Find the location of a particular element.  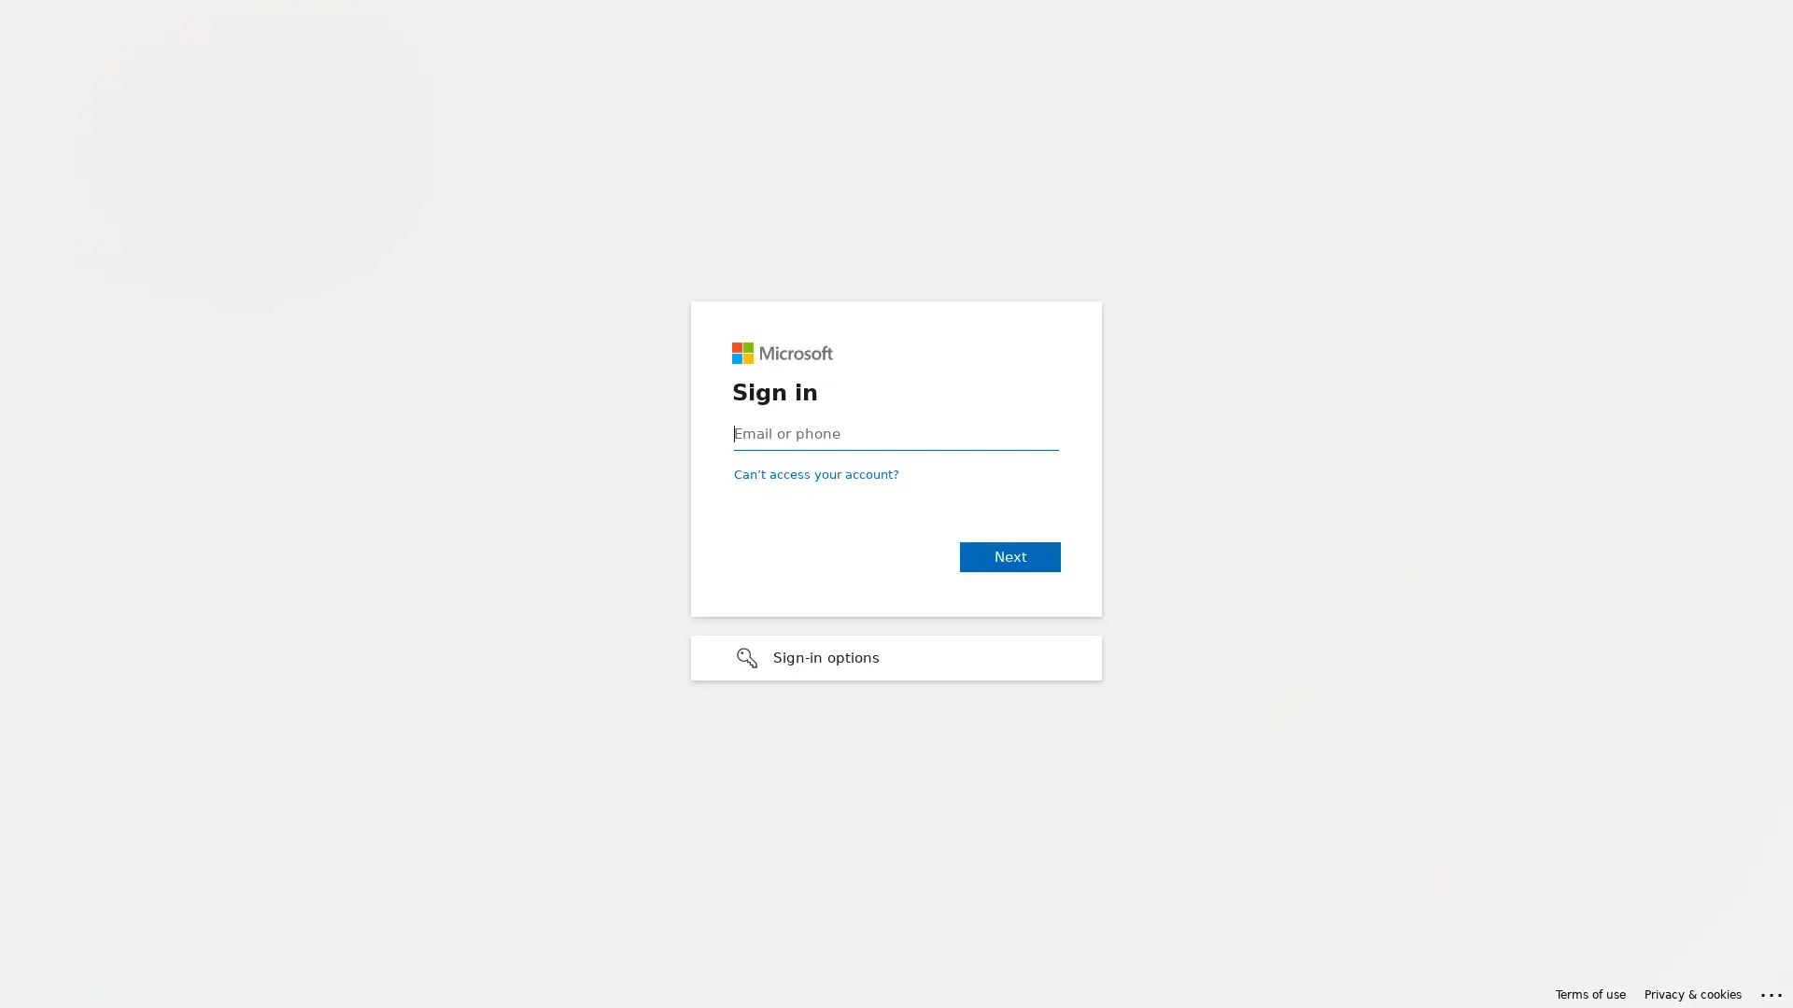

Click here for troubleshooting information is located at coordinates (1772, 991).